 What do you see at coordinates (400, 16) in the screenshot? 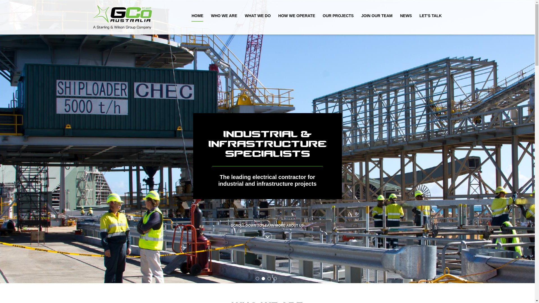
I see `'NEWS'` at bounding box center [400, 16].